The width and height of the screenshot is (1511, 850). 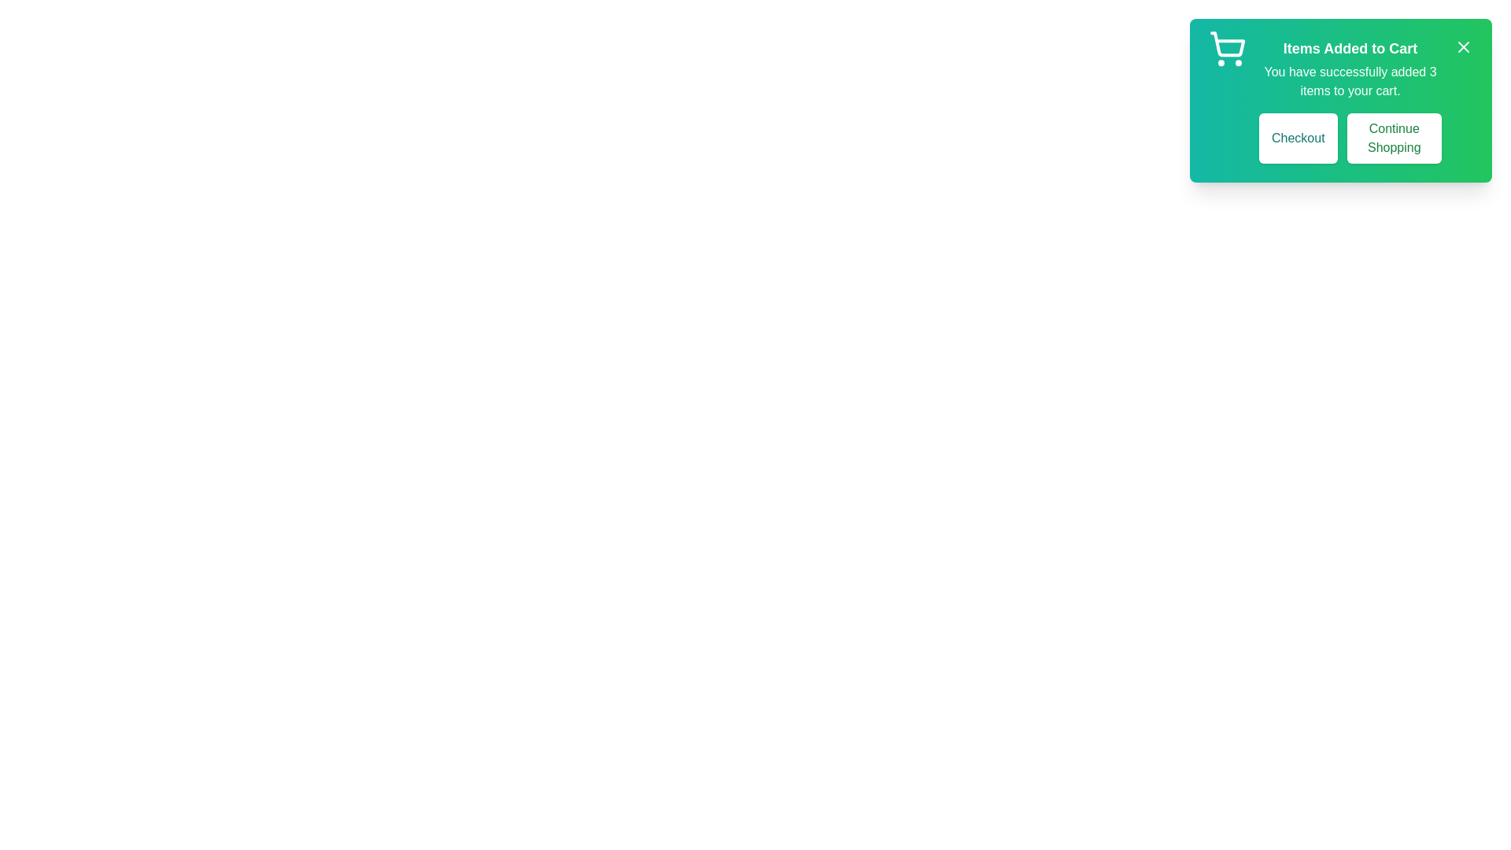 I want to click on the 'Checkout' button to proceed to checkout, so click(x=1298, y=138).